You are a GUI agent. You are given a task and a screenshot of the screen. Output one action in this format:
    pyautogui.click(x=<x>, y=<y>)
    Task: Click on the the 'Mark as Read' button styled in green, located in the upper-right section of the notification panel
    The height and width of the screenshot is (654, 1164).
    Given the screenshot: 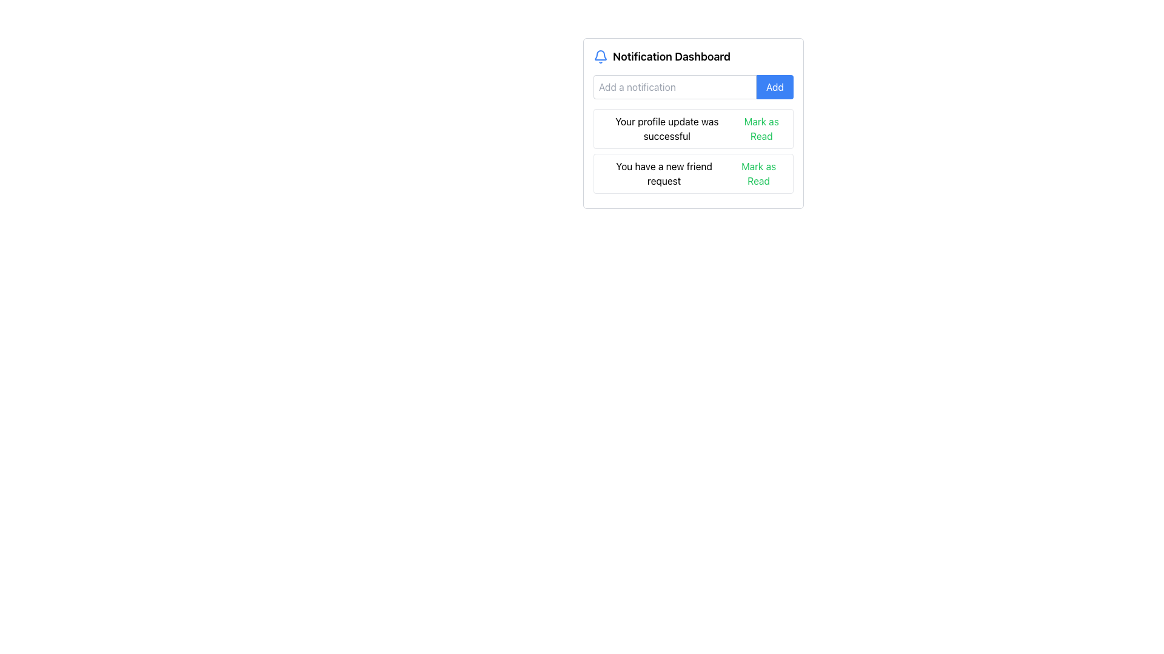 What is the action you would take?
    pyautogui.click(x=761, y=128)
    